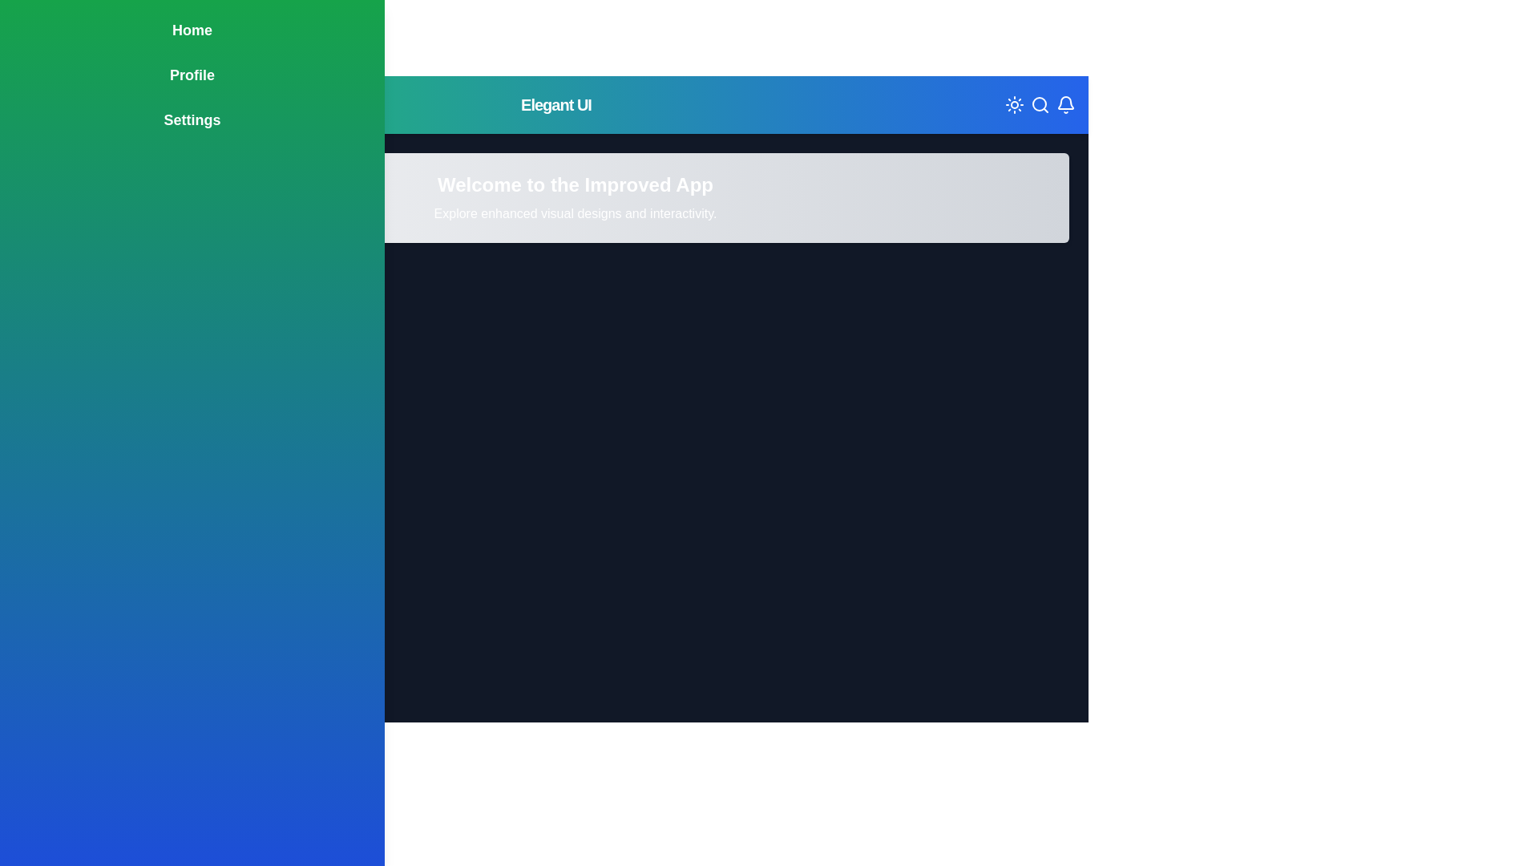 The width and height of the screenshot is (1539, 866). What do you see at coordinates (1065, 105) in the screenshot?
I see `the bell icon to view notifications` at bounding box center [1065, 105].